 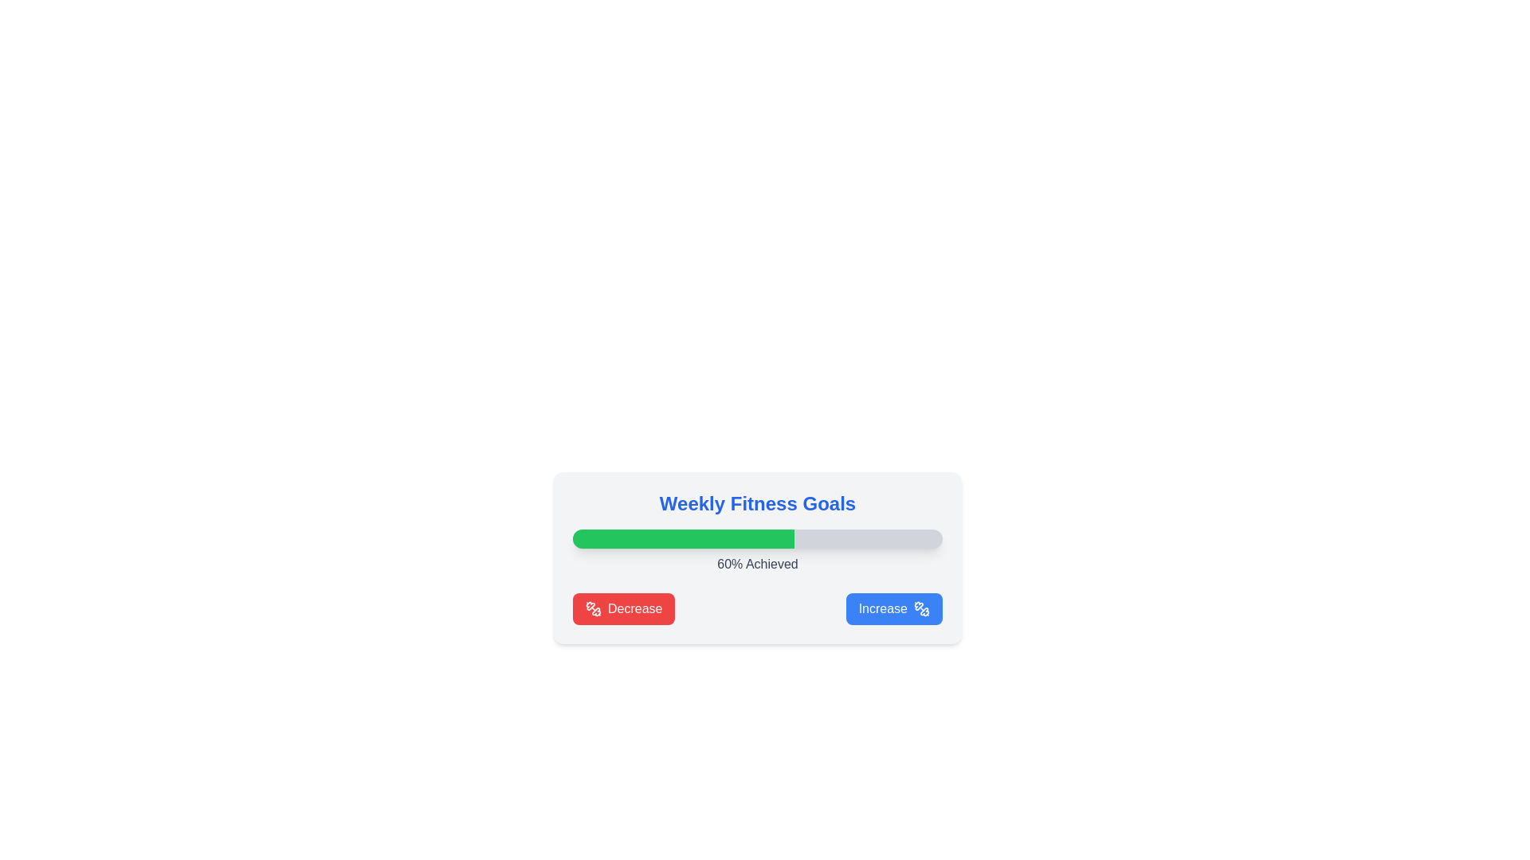 I want to click on the Text Label displaying 'Weekly Fitness Goals', which is styled in a large, bold, blue font and is positioned above a progress bar, so click(x=756, y=503).